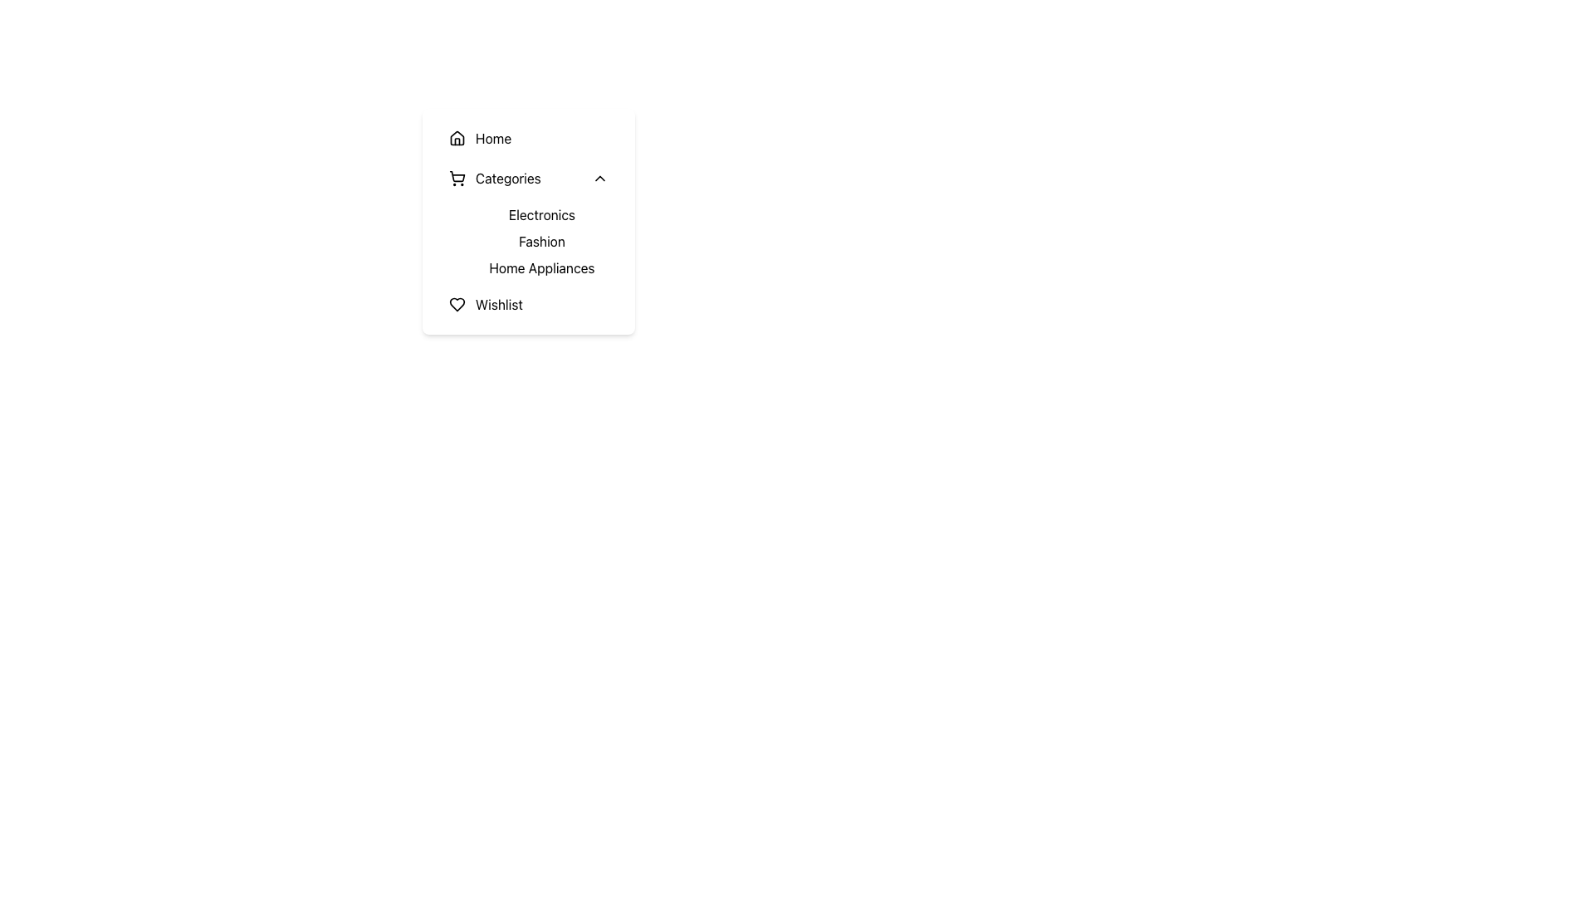 The width and height of the screenshot is (1594, 897). I want to click on the house-shaped icon located to the left of the 'Home' text label, which serves as a visual cue for navigation, so click(457, 137).